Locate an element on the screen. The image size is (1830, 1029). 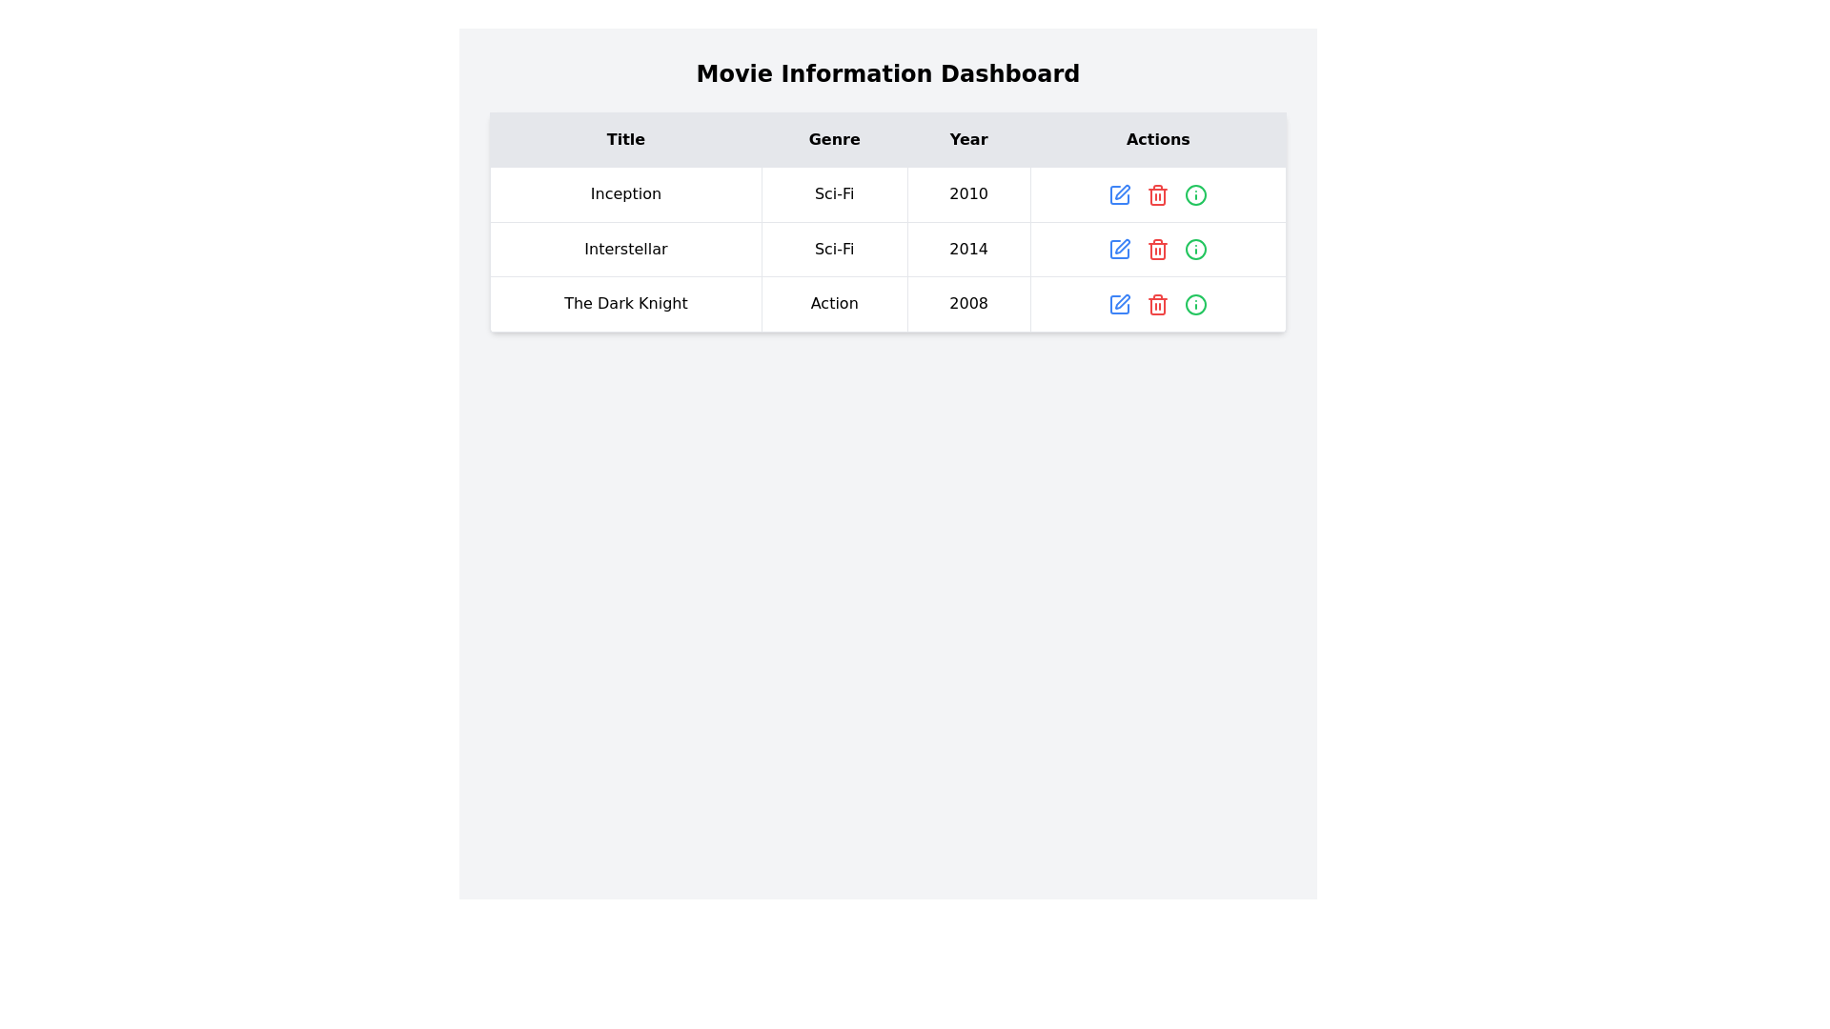
the second row of the main data table containing the information 'Interstellar', 'Sci-Fi', '2014' is located at coordinates (886, 248).